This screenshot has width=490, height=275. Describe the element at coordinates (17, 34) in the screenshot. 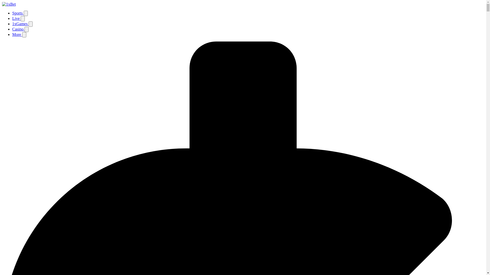

I see `'More'` at that location.